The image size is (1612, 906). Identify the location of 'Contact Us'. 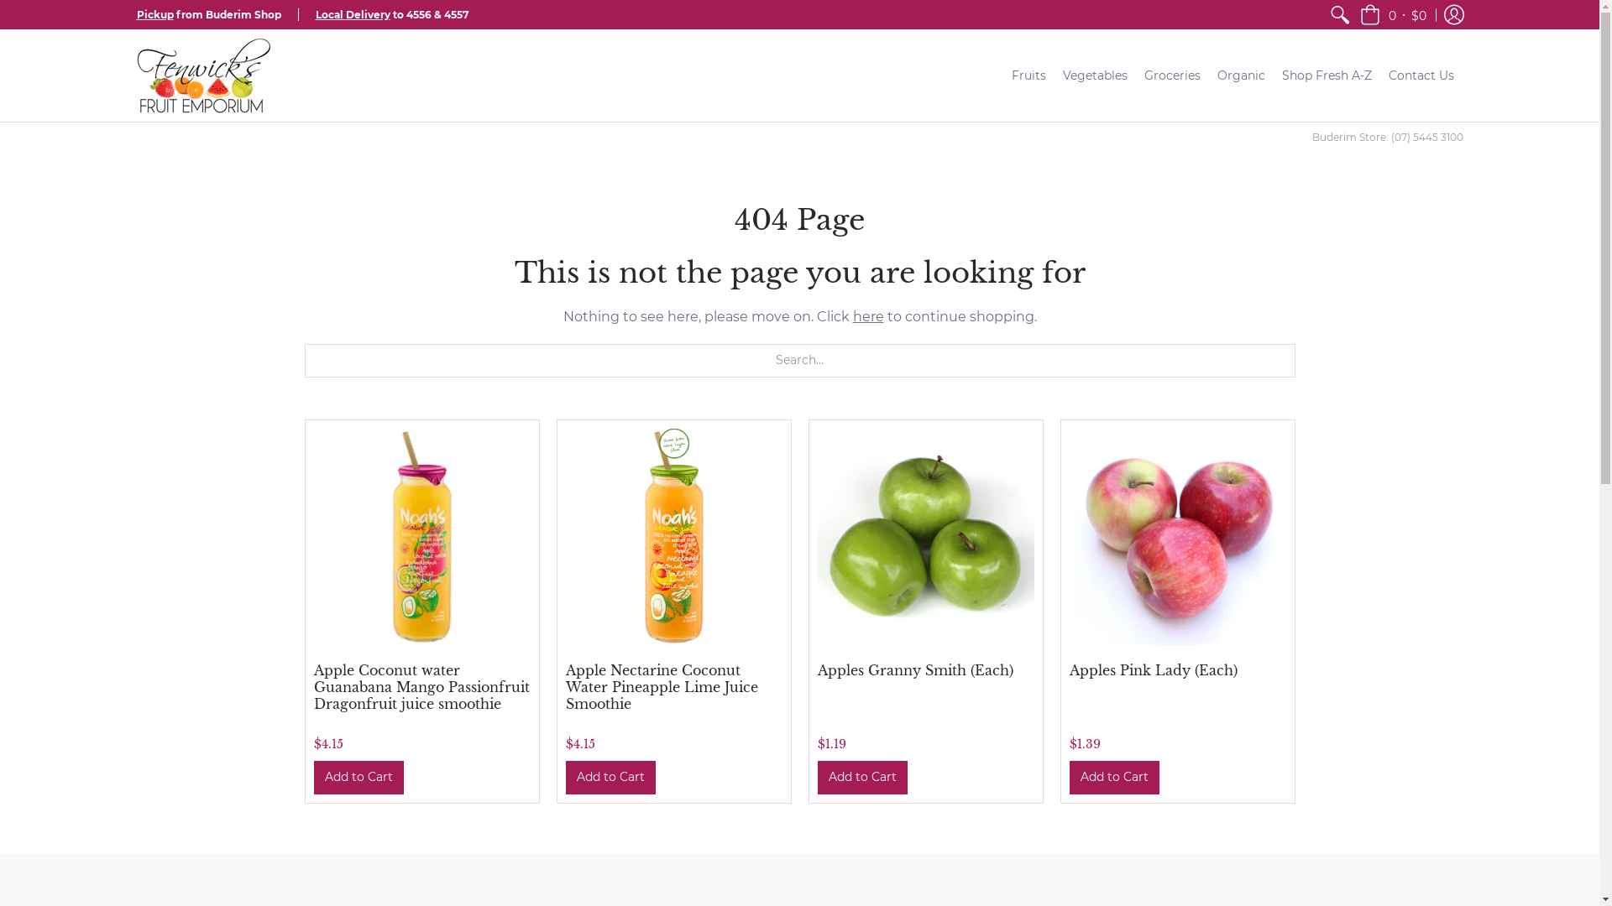
(1379, 74).